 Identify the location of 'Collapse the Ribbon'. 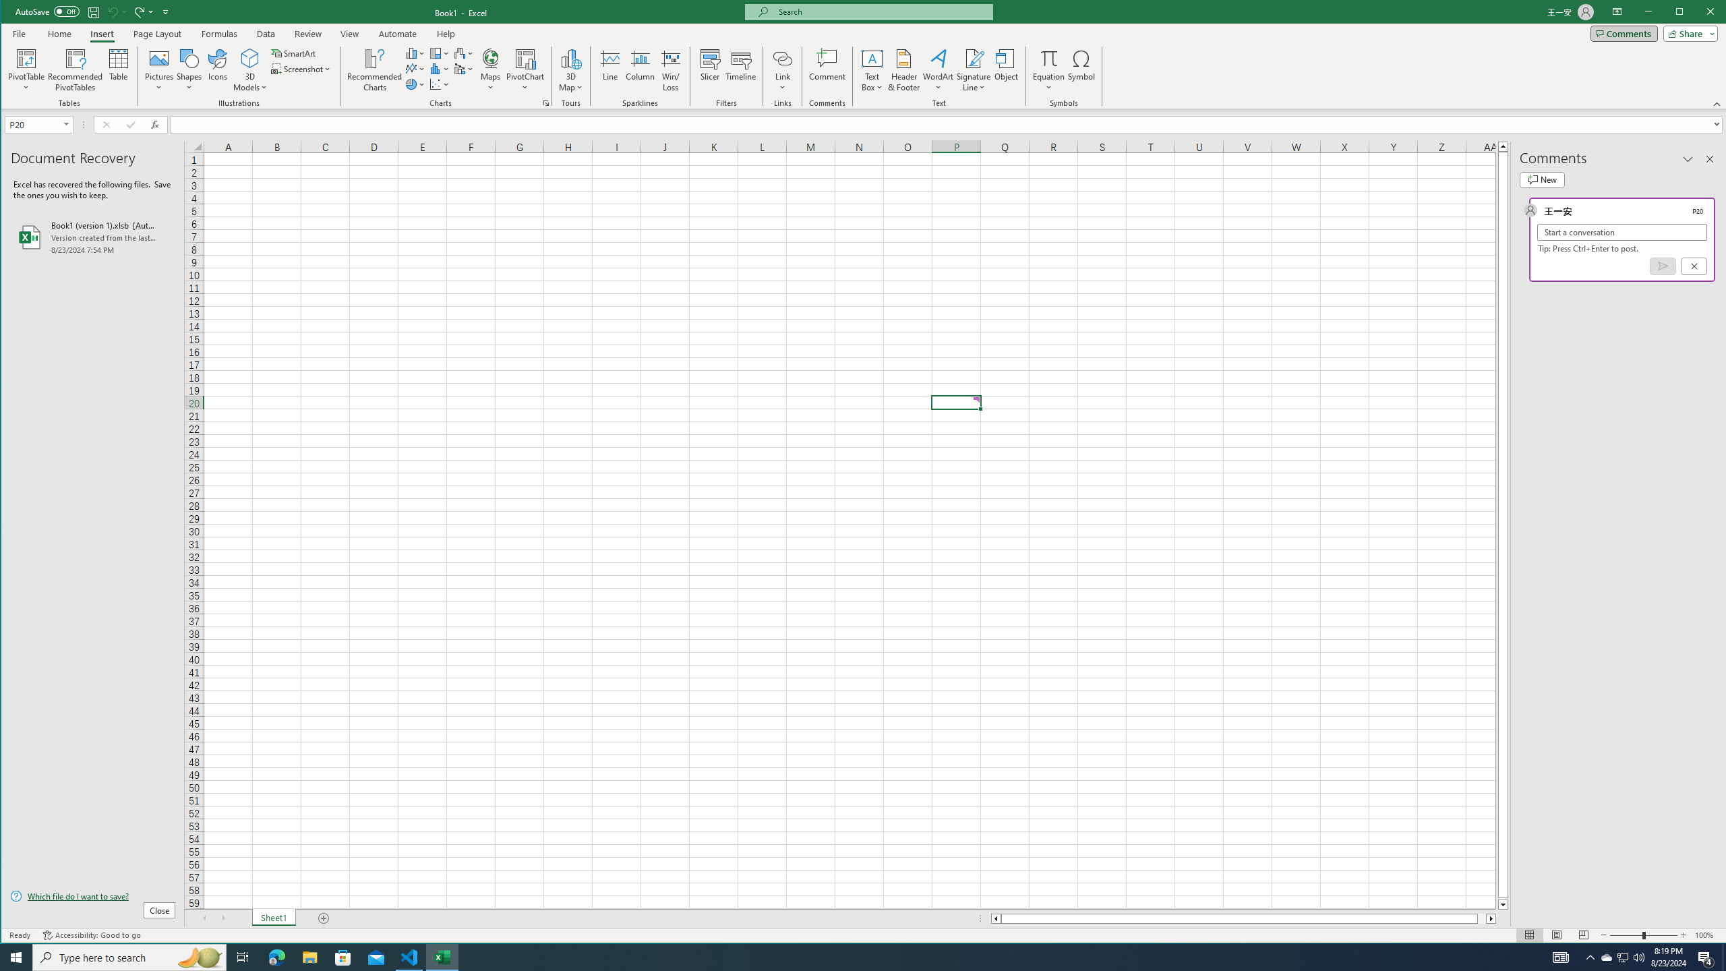
(1717, 103).